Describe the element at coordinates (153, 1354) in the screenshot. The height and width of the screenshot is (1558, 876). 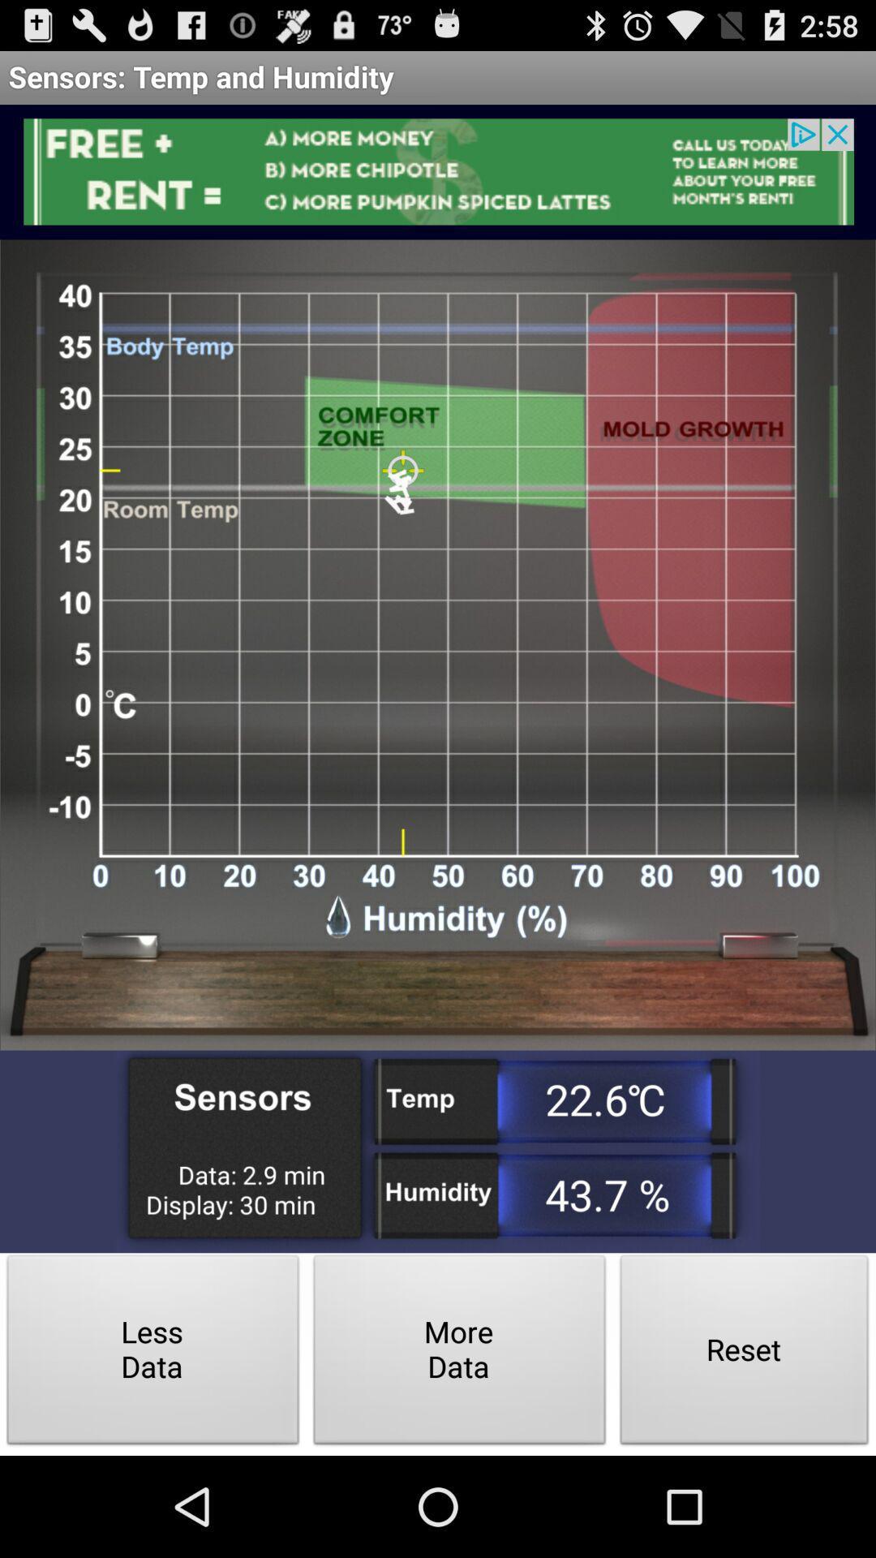
I see `the icon to the left of the more` at that location.